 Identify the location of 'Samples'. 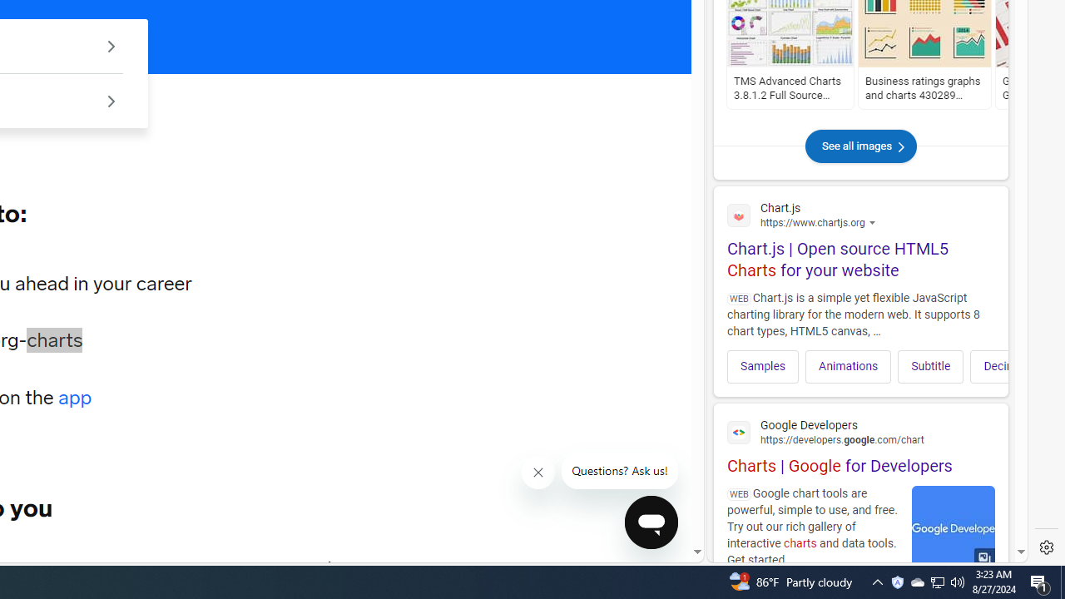
(762, 365).